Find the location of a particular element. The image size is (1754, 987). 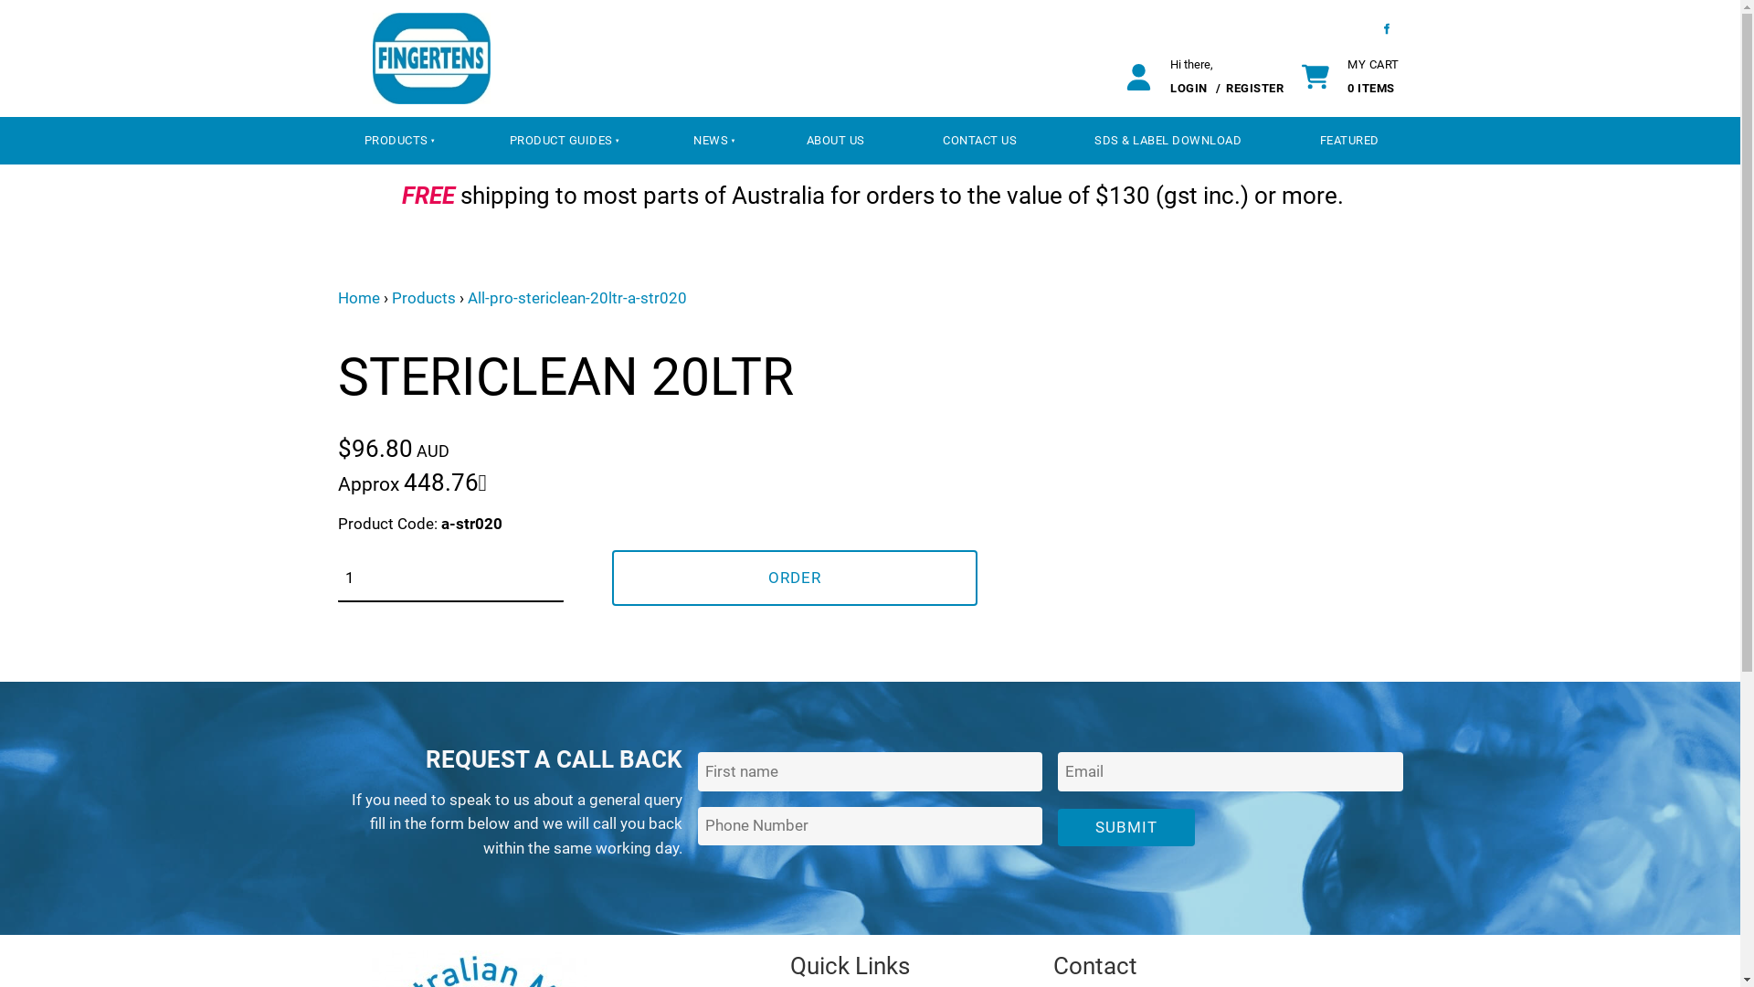

'NEWS' is located at coordinates (708, 140).